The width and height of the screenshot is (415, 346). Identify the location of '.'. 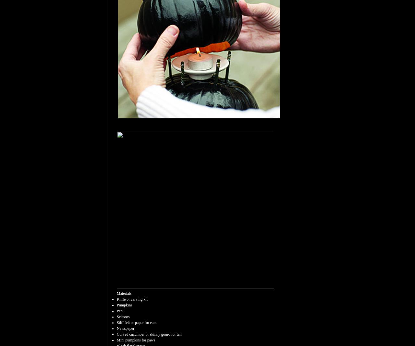
(117, 116).